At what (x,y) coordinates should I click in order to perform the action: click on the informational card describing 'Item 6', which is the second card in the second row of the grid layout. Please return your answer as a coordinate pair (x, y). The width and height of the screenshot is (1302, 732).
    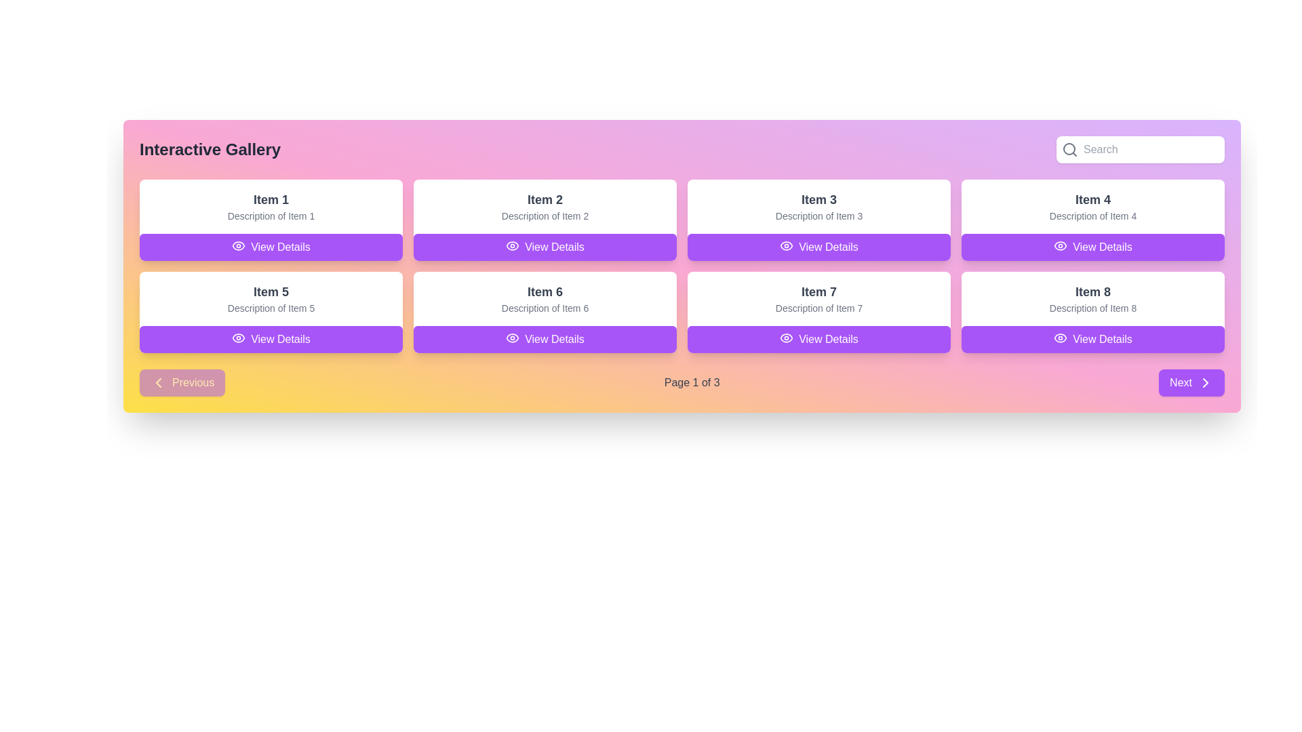
    Looking at the image, I should click on (545, 298).